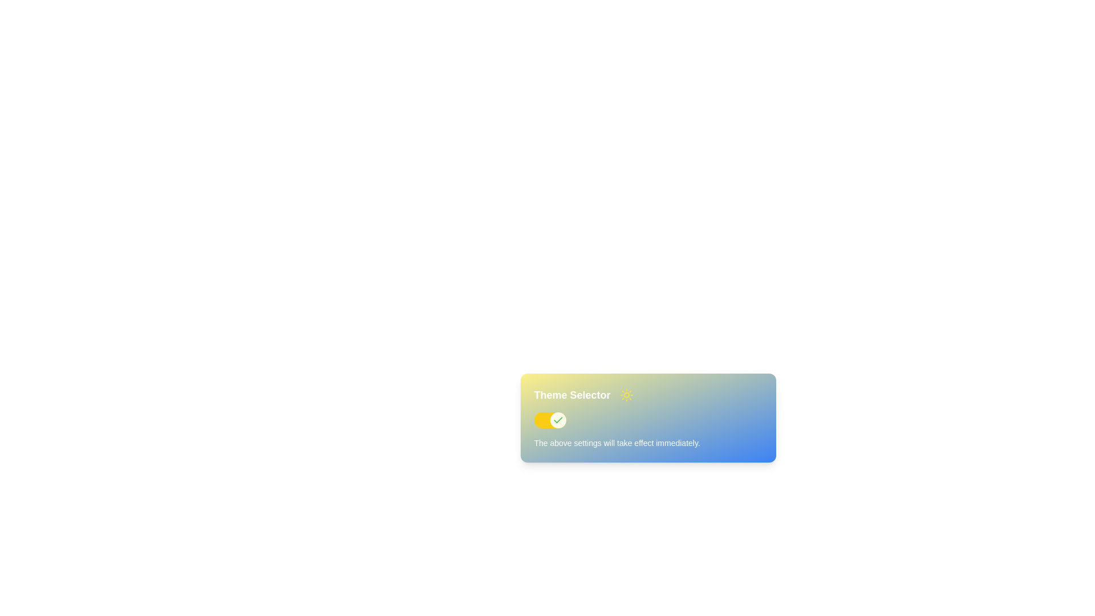 This screenshot has width=1095, height=616. Describe the element at coordinates (558, 420) in the screenshot. I see `the active state icon of the toggle switch within the 'Theme Selector' module, located on the right side of the switch track, to understand the toggle state` at that location.